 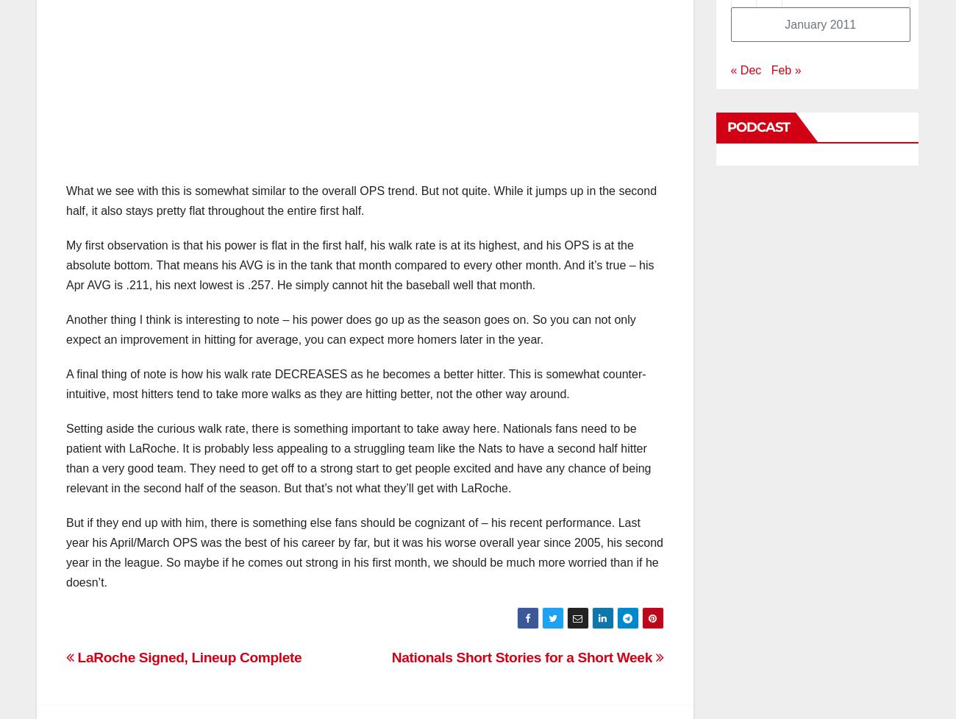 I want to click on 'LaRoche Signed, Lineup Complete', so click(x=187, y=656).